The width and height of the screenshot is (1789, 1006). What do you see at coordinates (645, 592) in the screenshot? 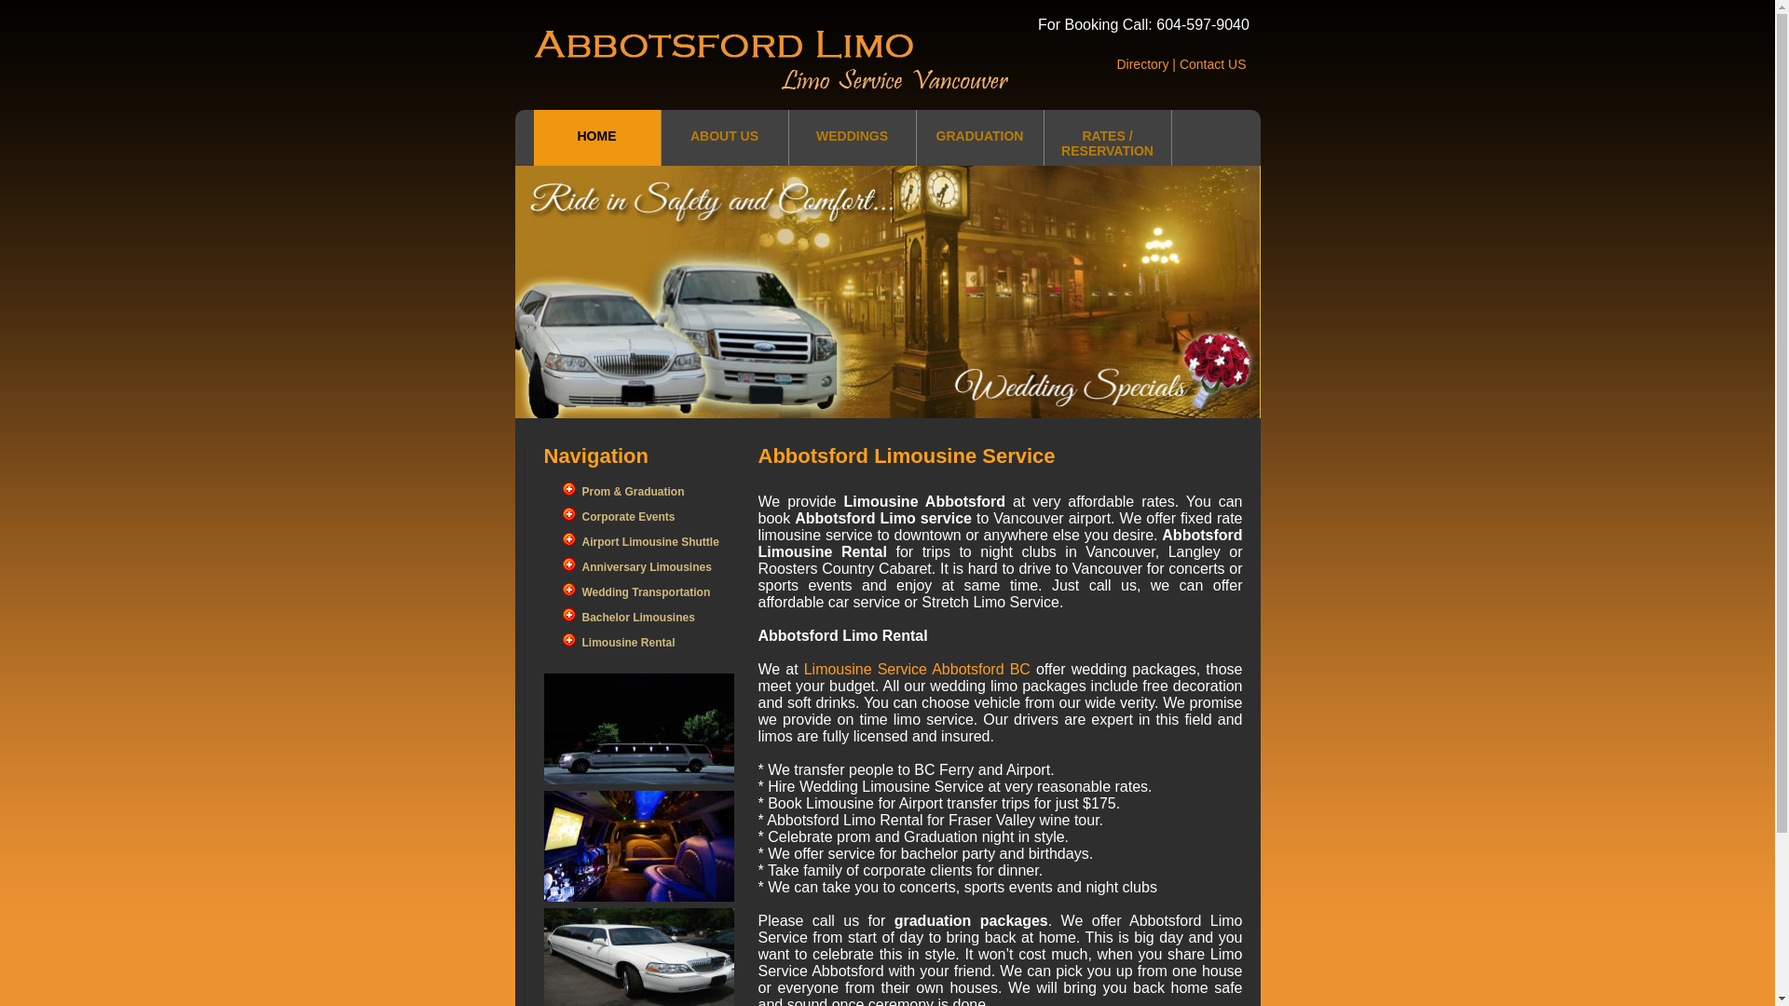
I see `'Wedding Transportation'` at bounding box center [645, 592].